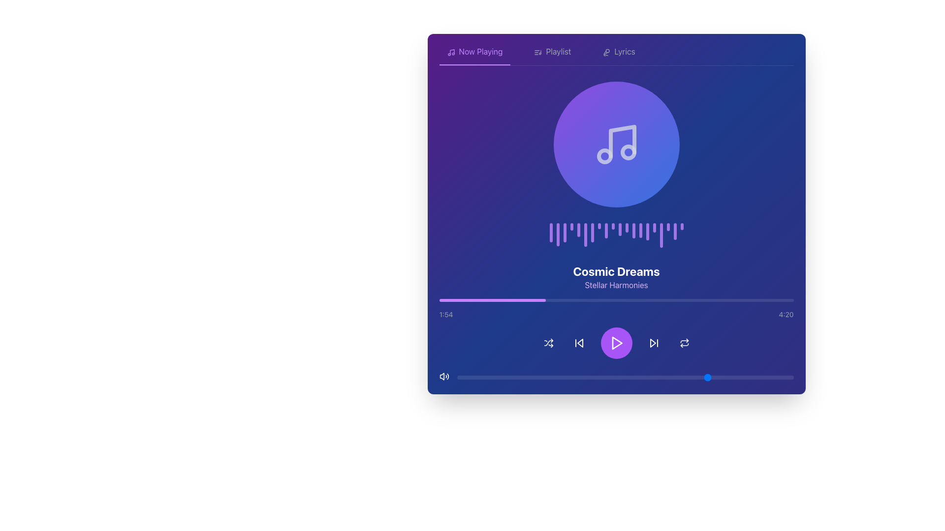 The height and width of the screenshot is (531, 945). Describe the element at coordinates (616, 285) in the screenshot. I see `the text label 'Stellar Harmonies', which serves as a subtitle providing additional context below 'Cosmic Dreams'` at that location.